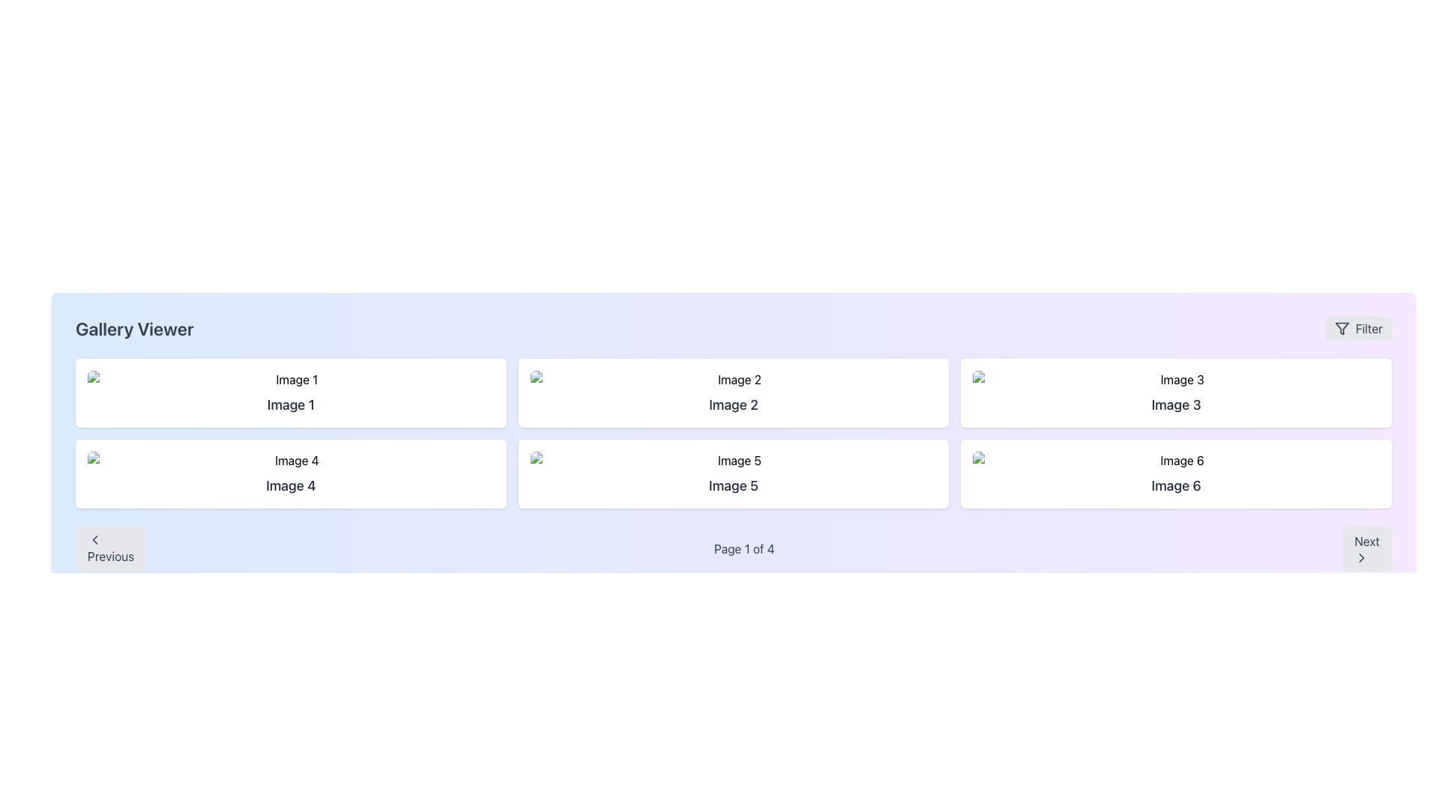 The width and height of the screenshot is (1439, 809). What do you see at coordinates (1175, 459) in the screenshot?
I see `the image placeholder located in the sixth tile of the gallery grid in the bottom-right corner for selection` at bounding box center [1175, 459].